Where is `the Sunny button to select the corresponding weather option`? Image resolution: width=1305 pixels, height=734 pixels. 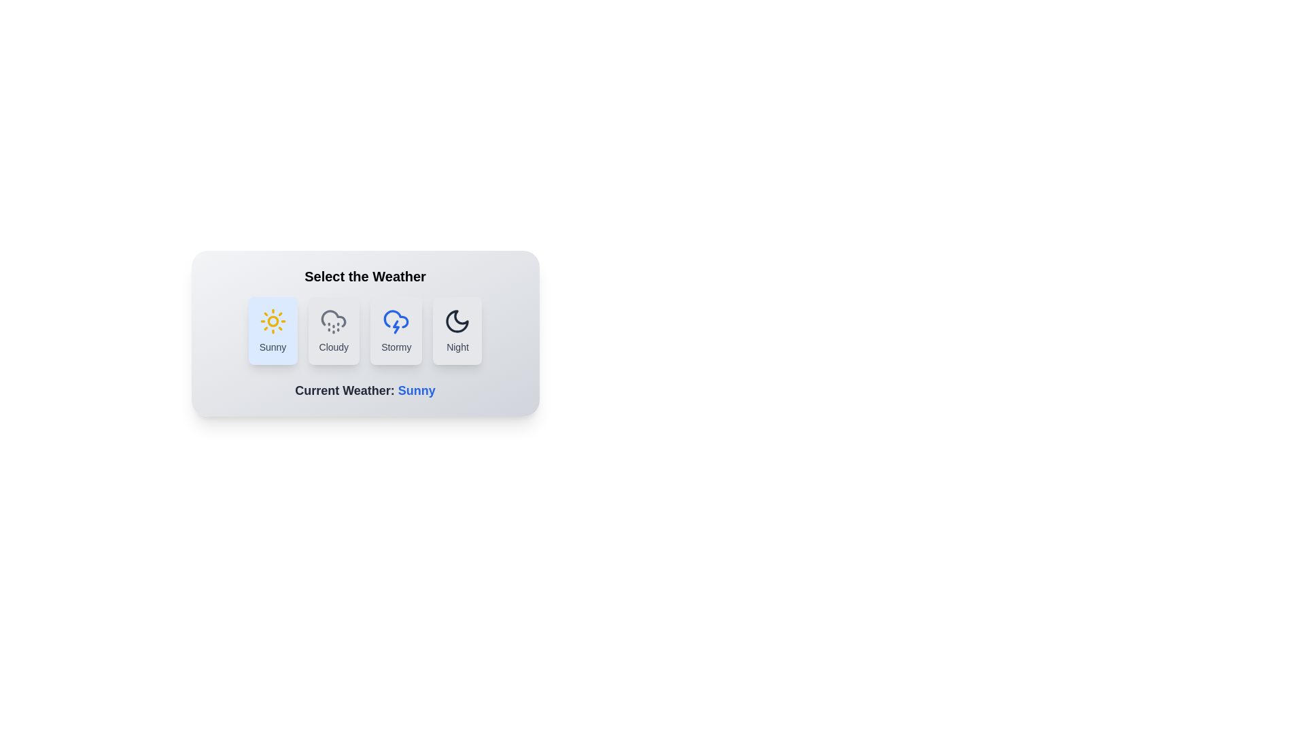 the Sunny button to select the corresponding weather option is located at coordinates (272, 330).